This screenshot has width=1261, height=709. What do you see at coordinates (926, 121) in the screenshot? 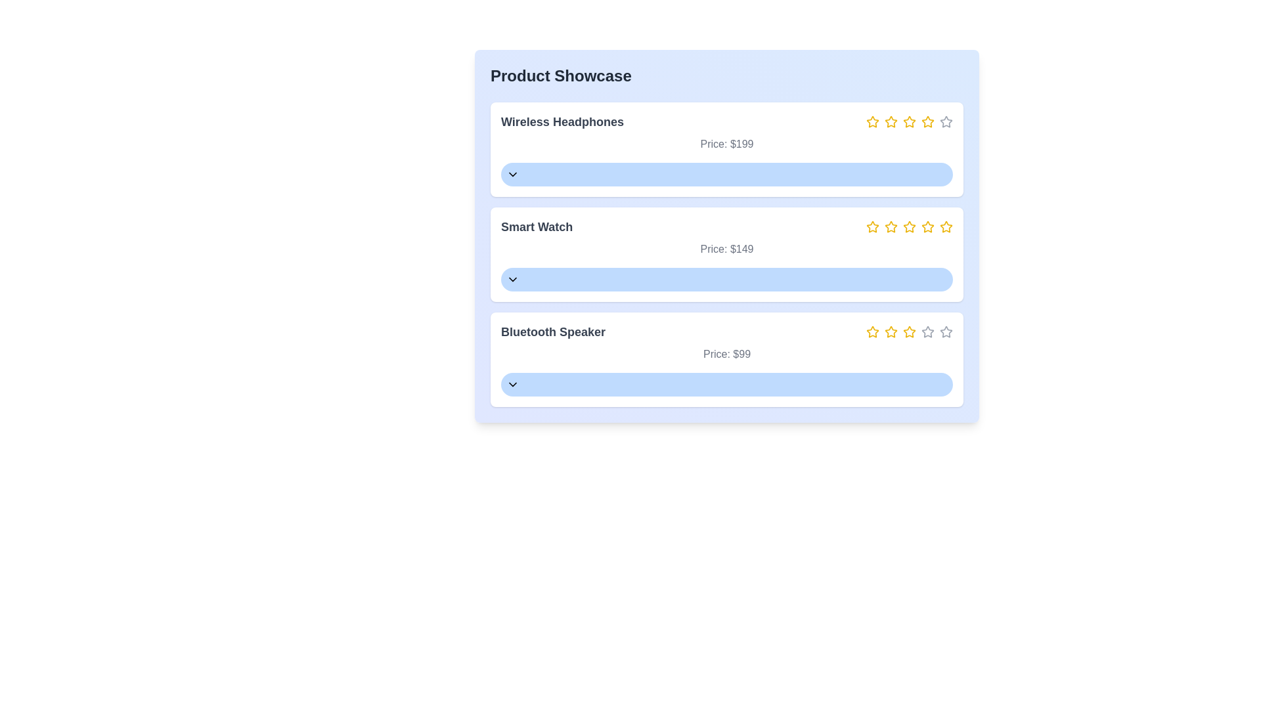
I see `the fourth star icon in the rating row of the 'Wireless Headphones' product section to rate it` at bounding box center [926, 121].